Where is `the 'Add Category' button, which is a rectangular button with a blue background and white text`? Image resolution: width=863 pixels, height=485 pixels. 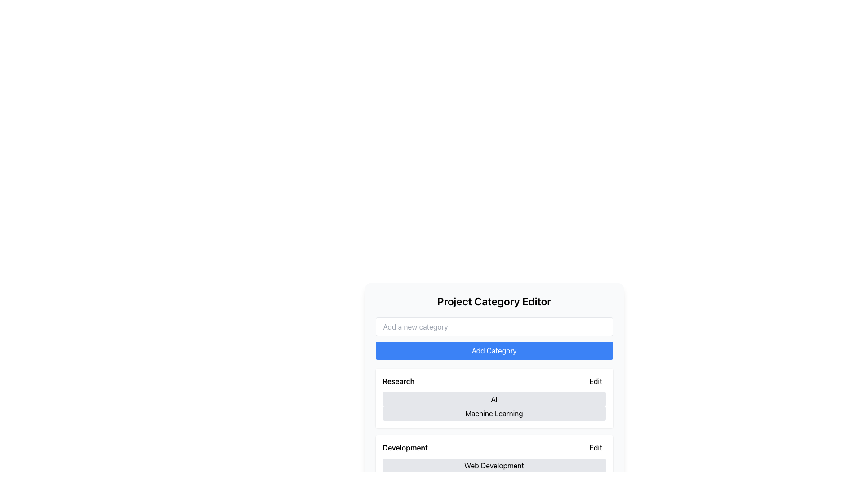
the 'Add Category' button, which is a rectangular button with a blue background and white text is located at coordinates (494, 350).